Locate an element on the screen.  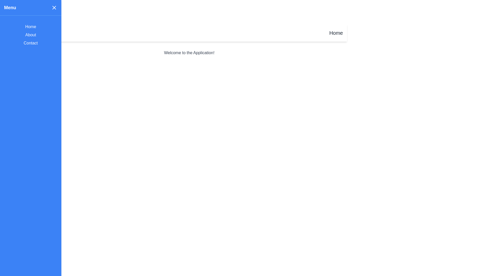
the 'About' hyperlink, which is styled with white text on a blue background and is the second item in the vertical navigation menu is located at coordinates (30, 35).